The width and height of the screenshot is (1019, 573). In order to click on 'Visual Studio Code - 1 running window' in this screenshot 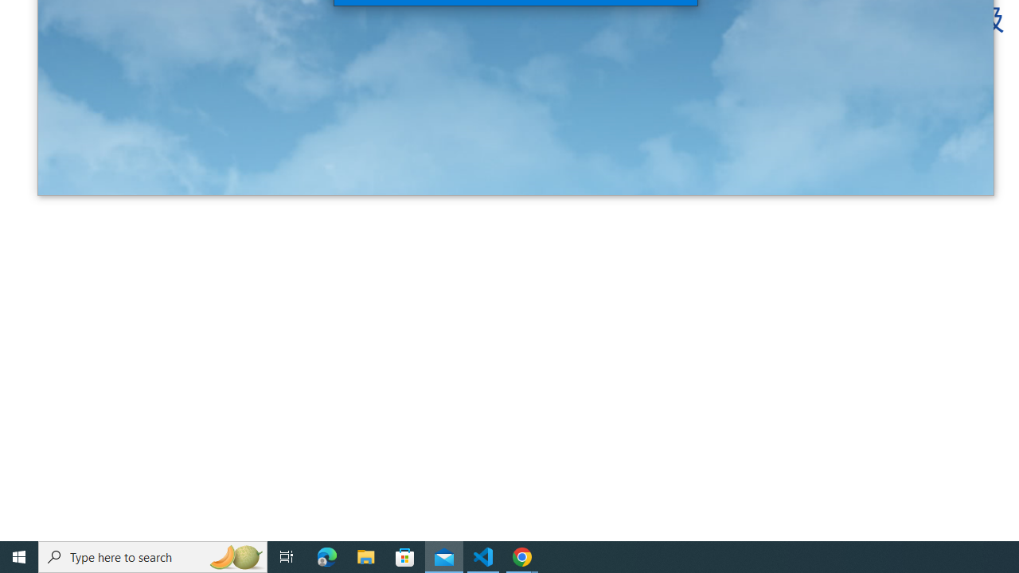, I will do `click(482, 555)`.